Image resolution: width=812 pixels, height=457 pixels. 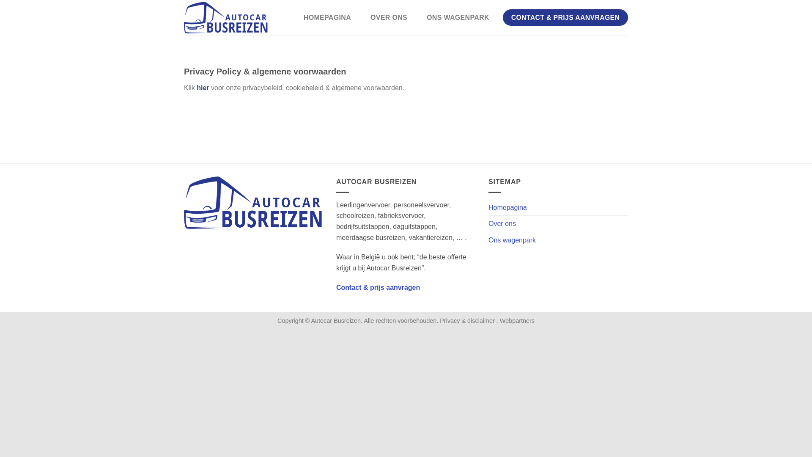 I want to click on 'OVER ONS', so click(x=388, y=18).